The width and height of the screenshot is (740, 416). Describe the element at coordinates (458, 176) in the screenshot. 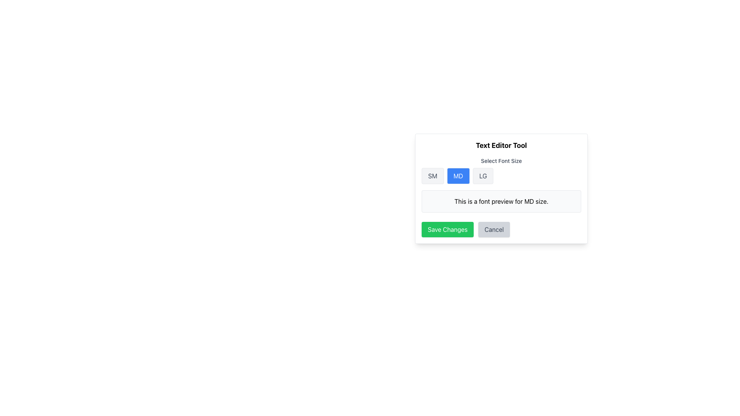

I see `the 'MD' button, which is a rounded rectangular button with a blue background and white text, located in the middle of the 'Text Editor Tool' dialog box` at that location.